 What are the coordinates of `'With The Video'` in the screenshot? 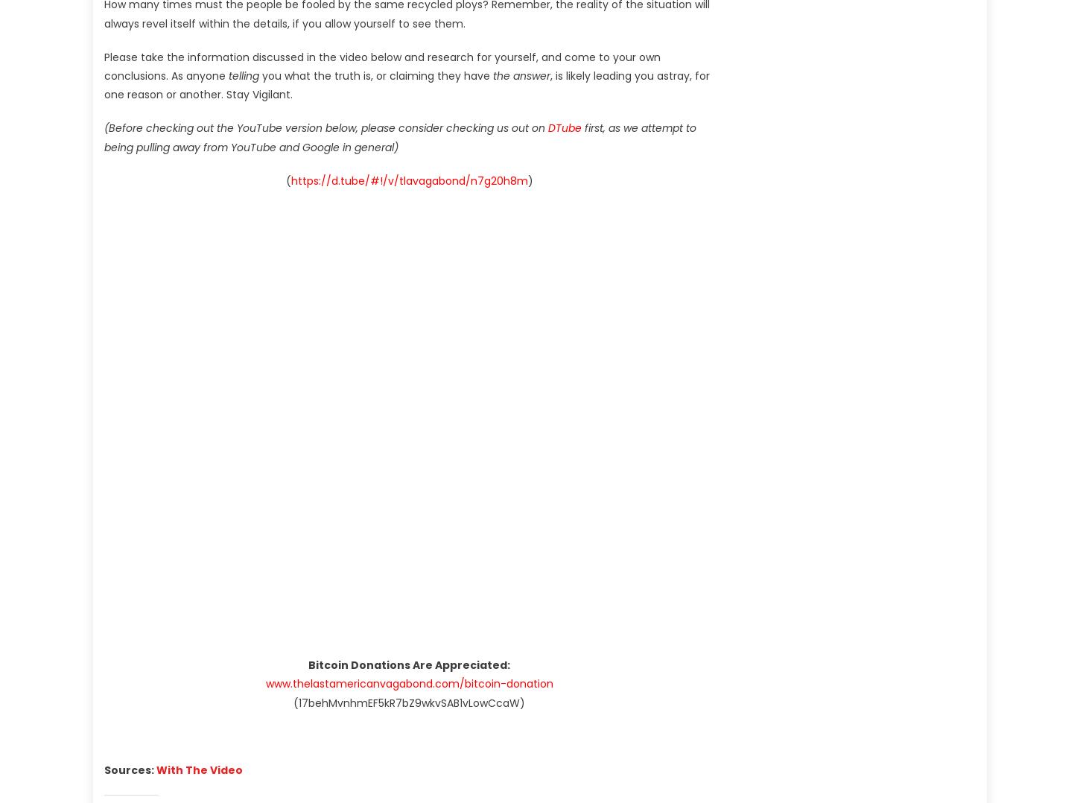 It's located at (155, 769).